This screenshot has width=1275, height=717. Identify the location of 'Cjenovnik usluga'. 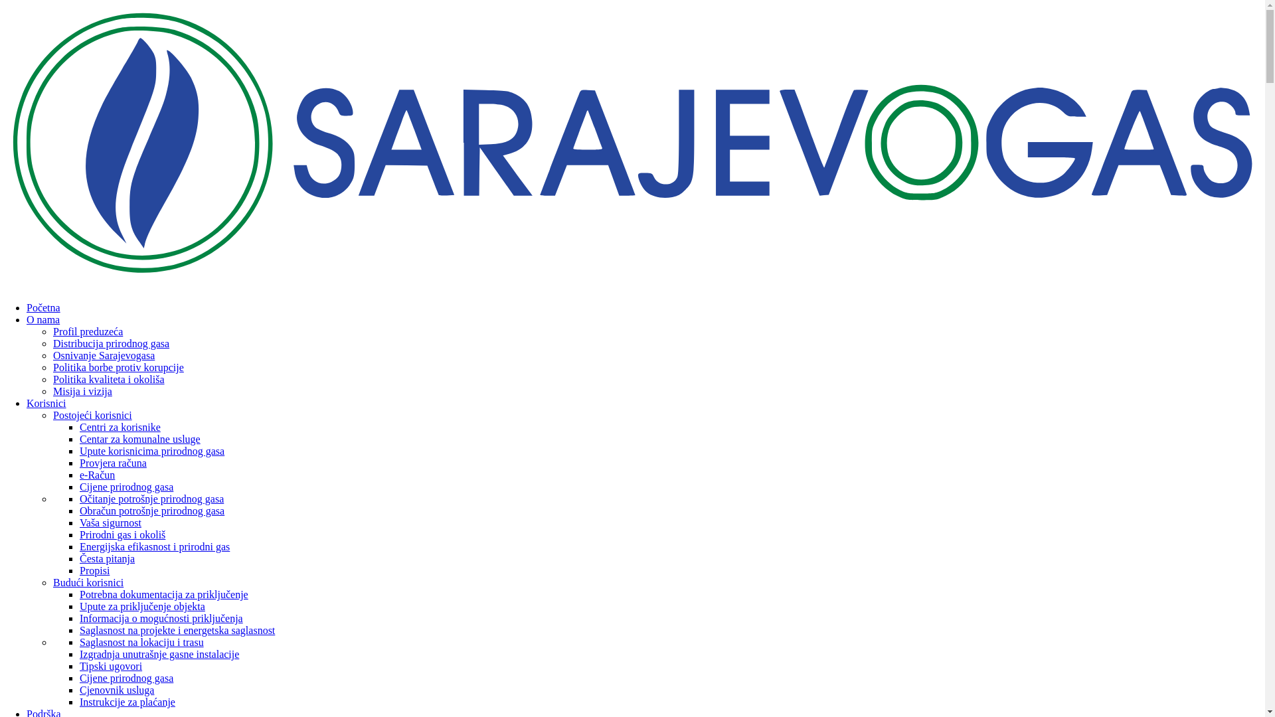
(117, 689).